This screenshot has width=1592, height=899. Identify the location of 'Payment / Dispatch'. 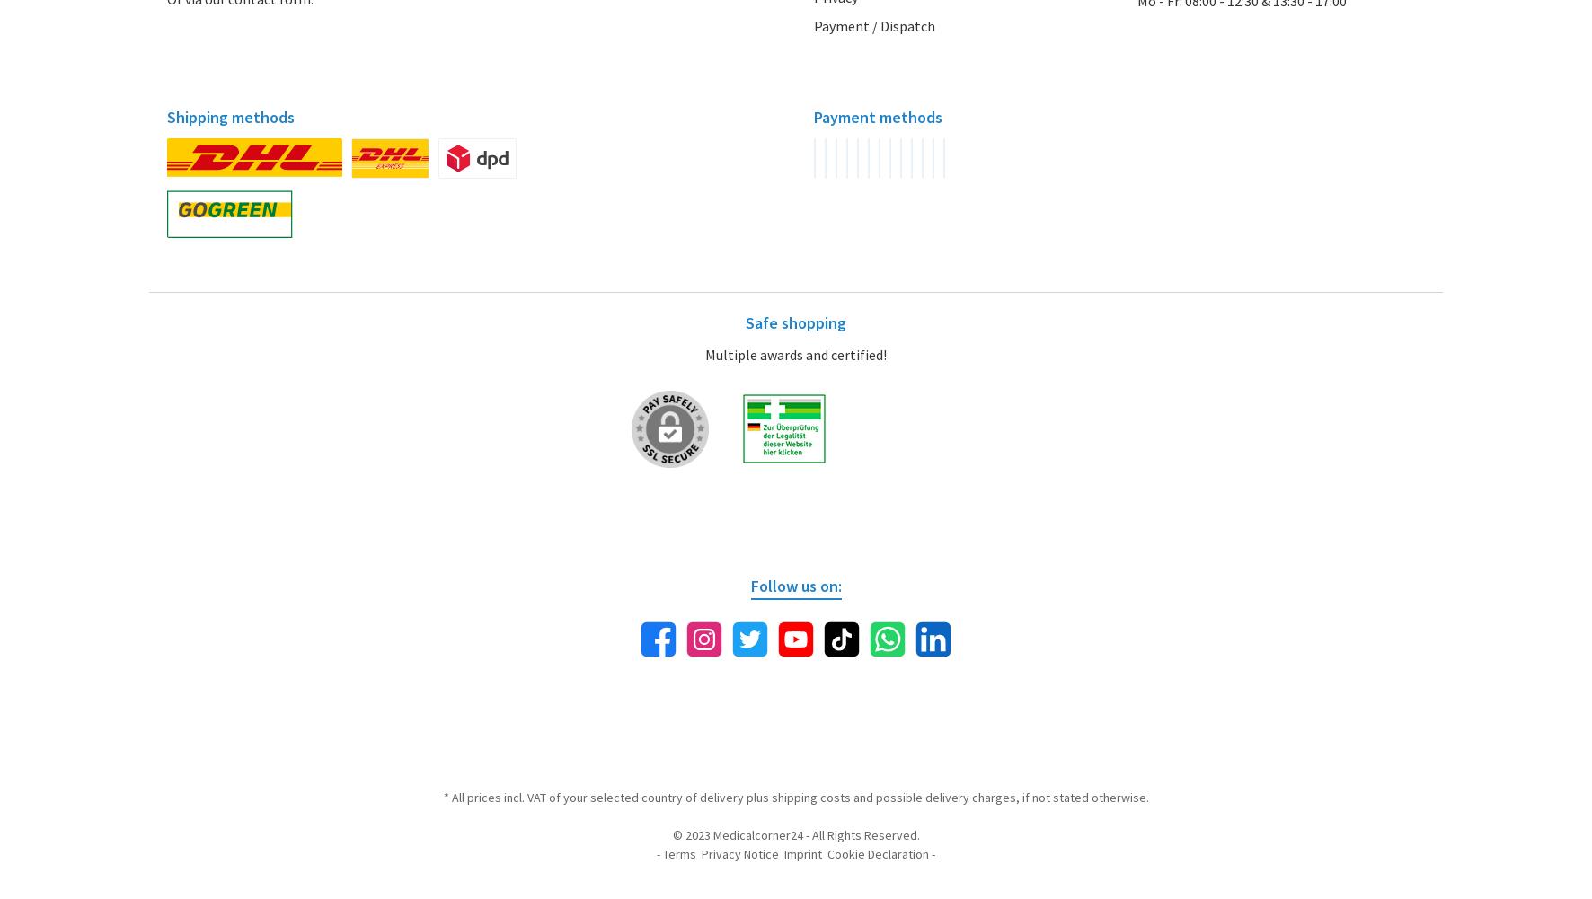
(873, 25).